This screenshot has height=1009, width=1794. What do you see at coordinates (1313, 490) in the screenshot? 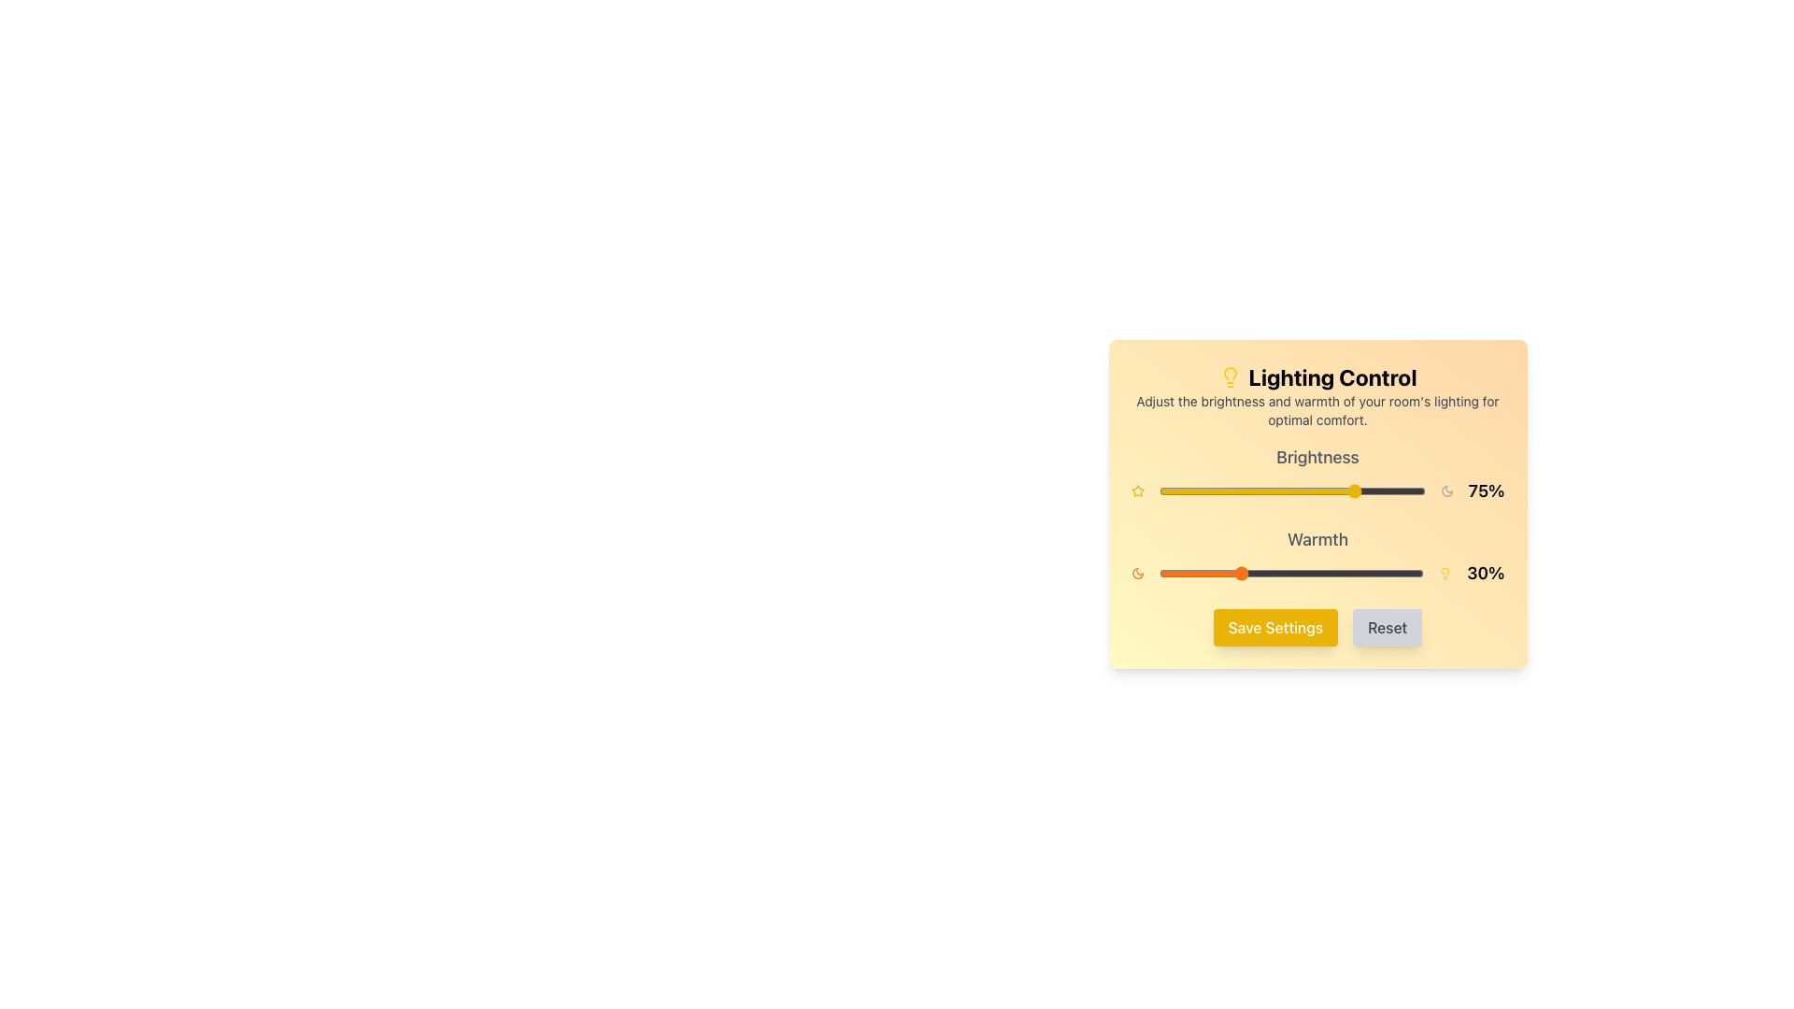
I see `the brightness` at bounding box center [1313, 490].